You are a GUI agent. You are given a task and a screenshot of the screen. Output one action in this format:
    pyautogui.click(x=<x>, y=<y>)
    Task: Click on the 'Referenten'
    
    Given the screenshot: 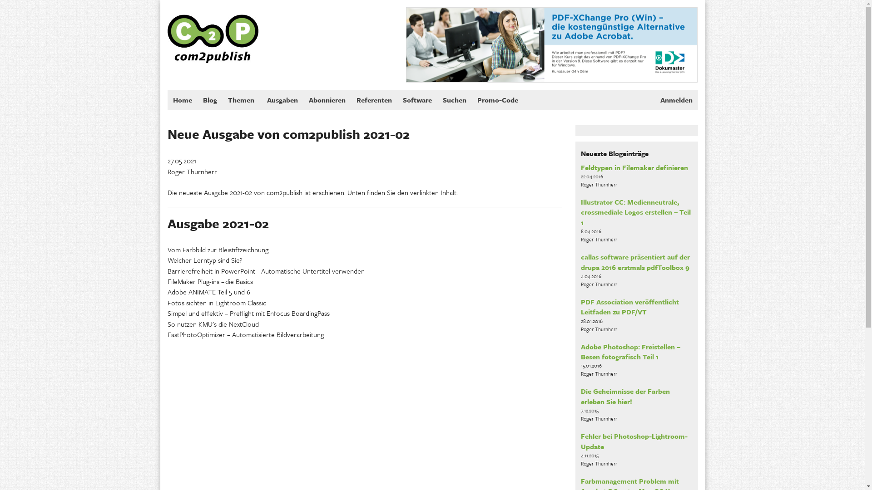 What is the action you would take?
    pyautogui.click(x=373, y=100)
    